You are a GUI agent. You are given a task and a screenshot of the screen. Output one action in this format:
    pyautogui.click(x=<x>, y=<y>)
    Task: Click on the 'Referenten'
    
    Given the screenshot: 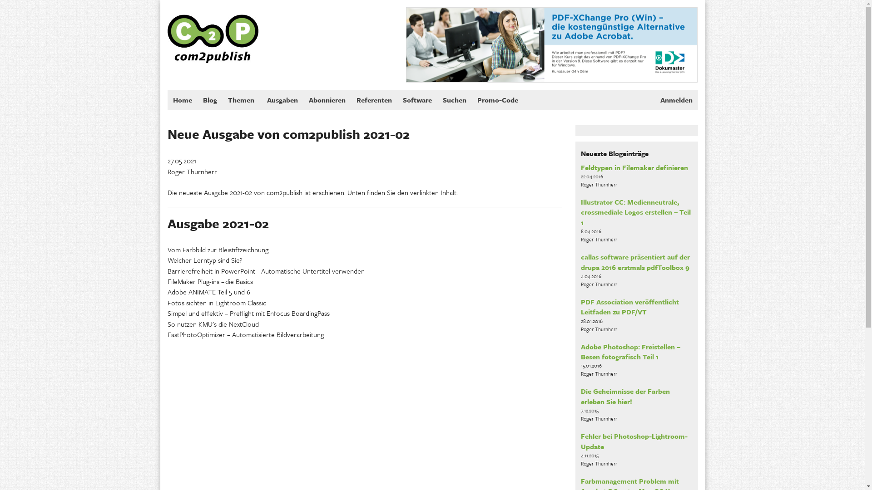 What is the action you would take?
    pyautogui.click(x=373, y=100)
    